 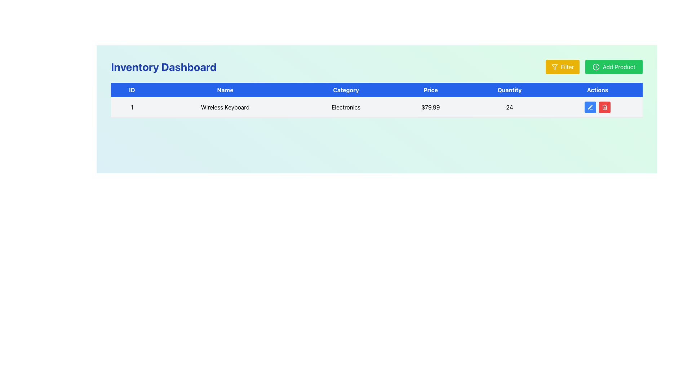 What do you see at coordinates (590, 107) in the screenshot?
I see `the blue edit icon button in the 'Actions' column for the product 'Wireless Keyboard' to modify the entry` at bounding box center [590, 107].